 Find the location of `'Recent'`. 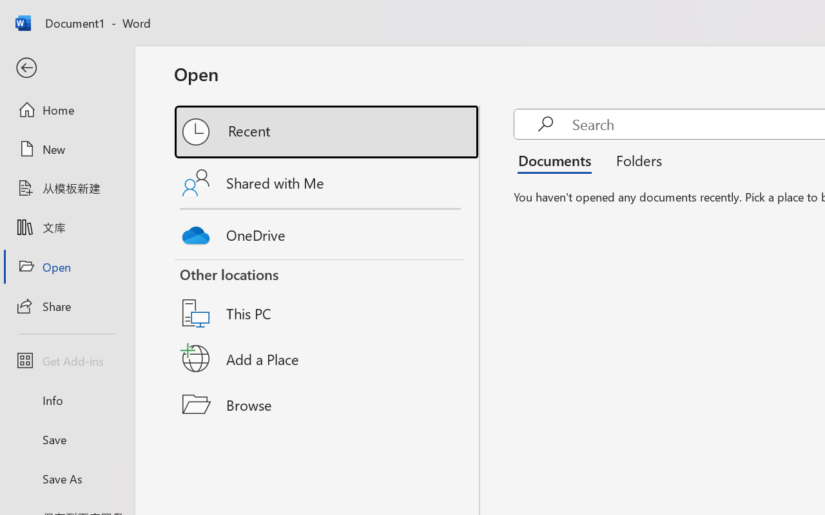

'Recent' is located at coordinates (327, 132).